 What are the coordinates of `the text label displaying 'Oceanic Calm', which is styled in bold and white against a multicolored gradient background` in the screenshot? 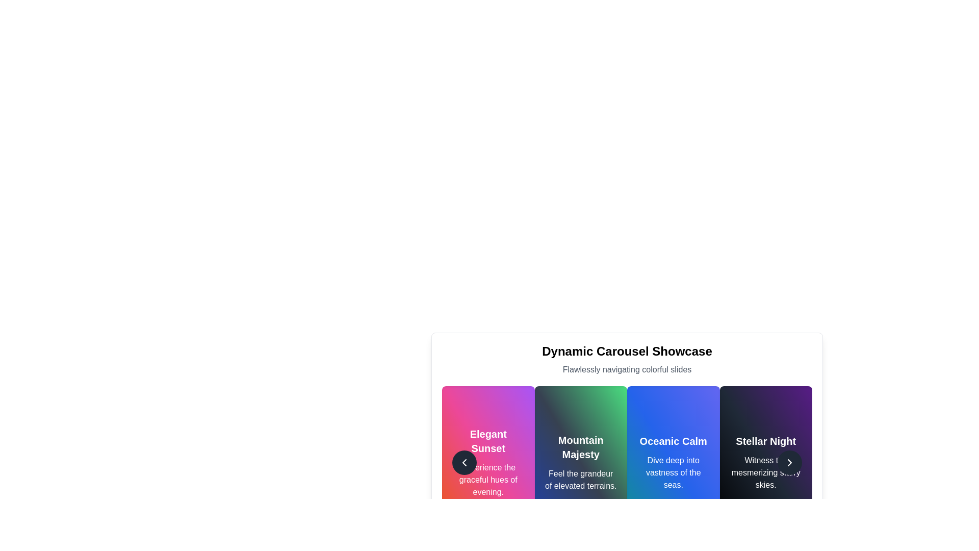 It's located at (673, 440).